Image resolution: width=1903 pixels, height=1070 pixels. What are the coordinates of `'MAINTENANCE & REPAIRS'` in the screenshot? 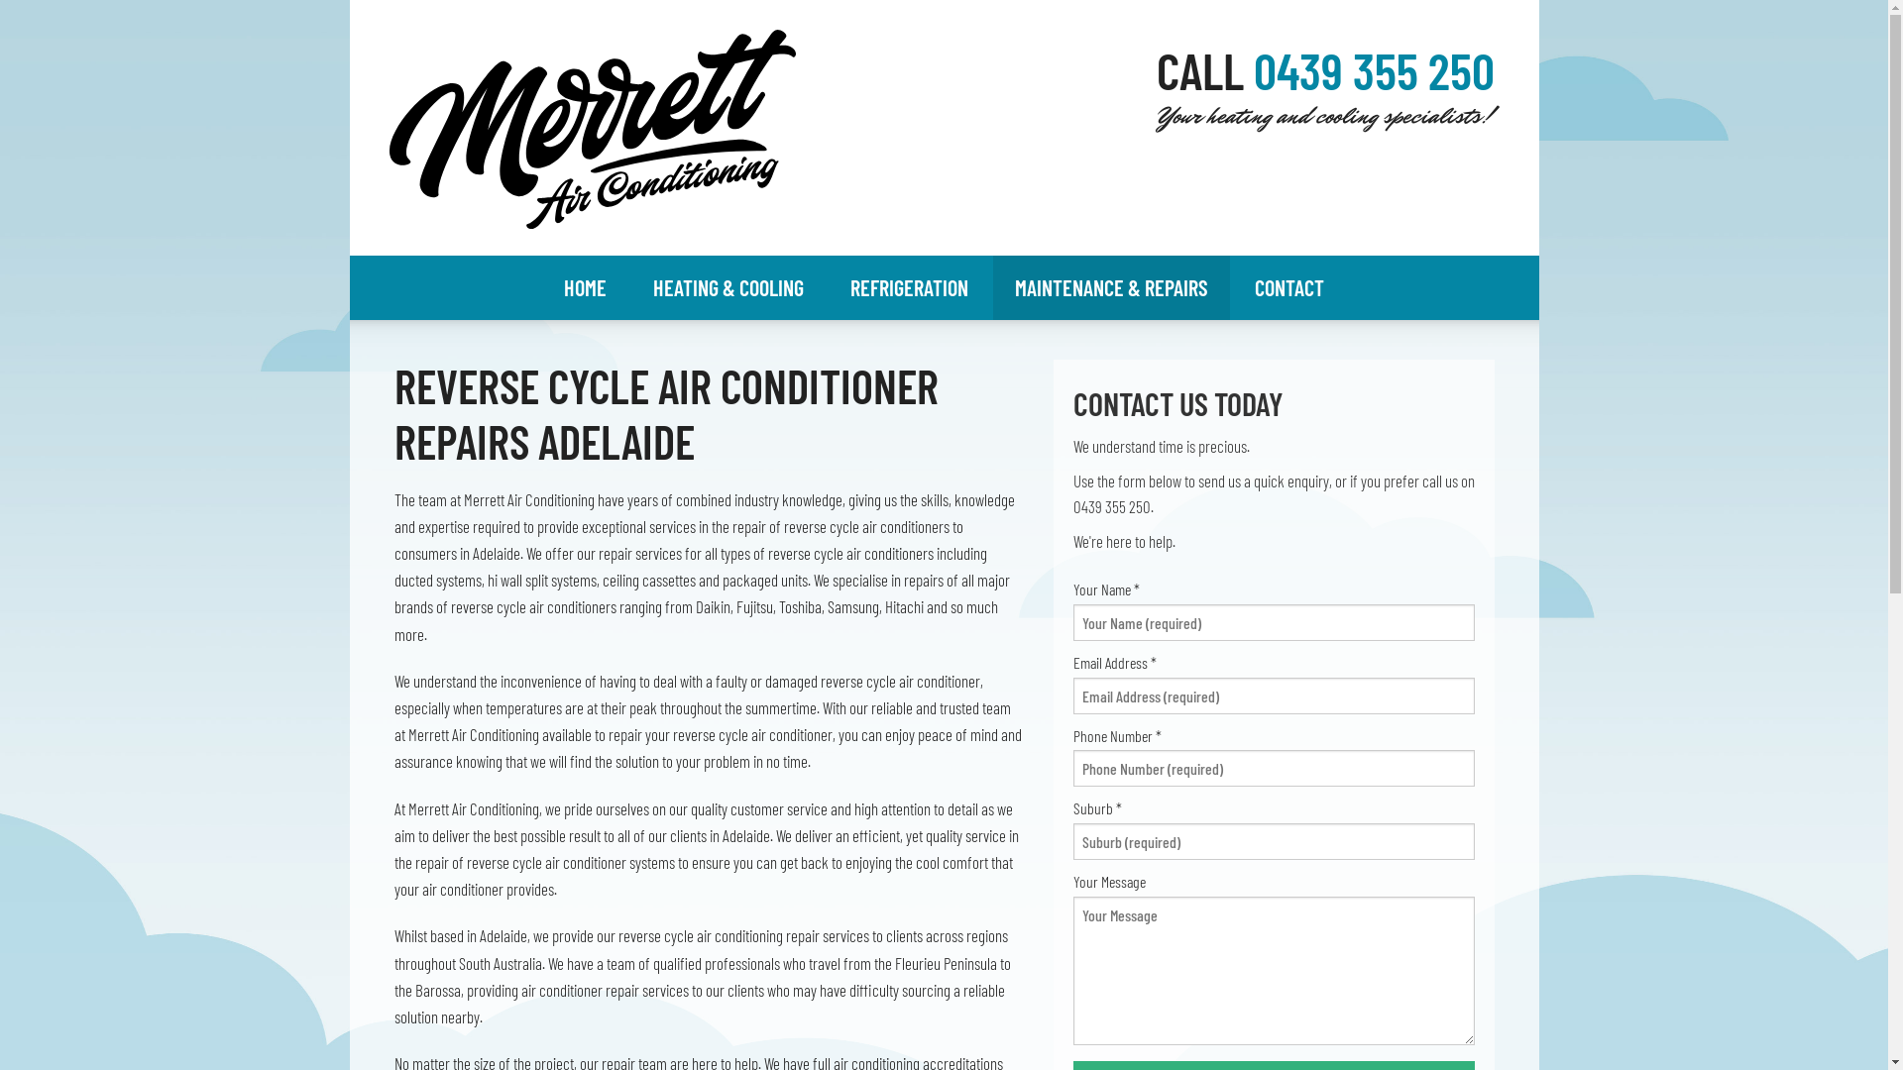 It's located at (1111, 287).